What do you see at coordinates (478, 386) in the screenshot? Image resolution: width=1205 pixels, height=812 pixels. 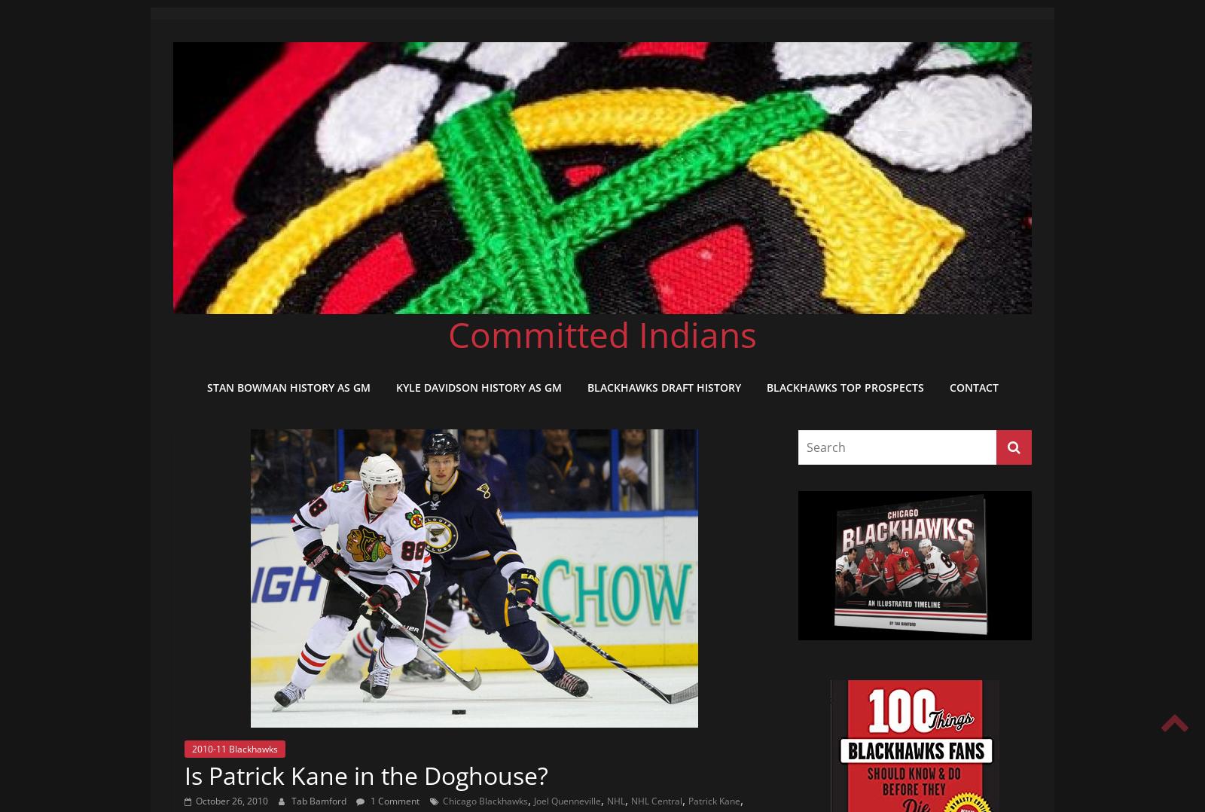 I see `'Kyle Davidson History as GM'` at bounding box center [478, 386].